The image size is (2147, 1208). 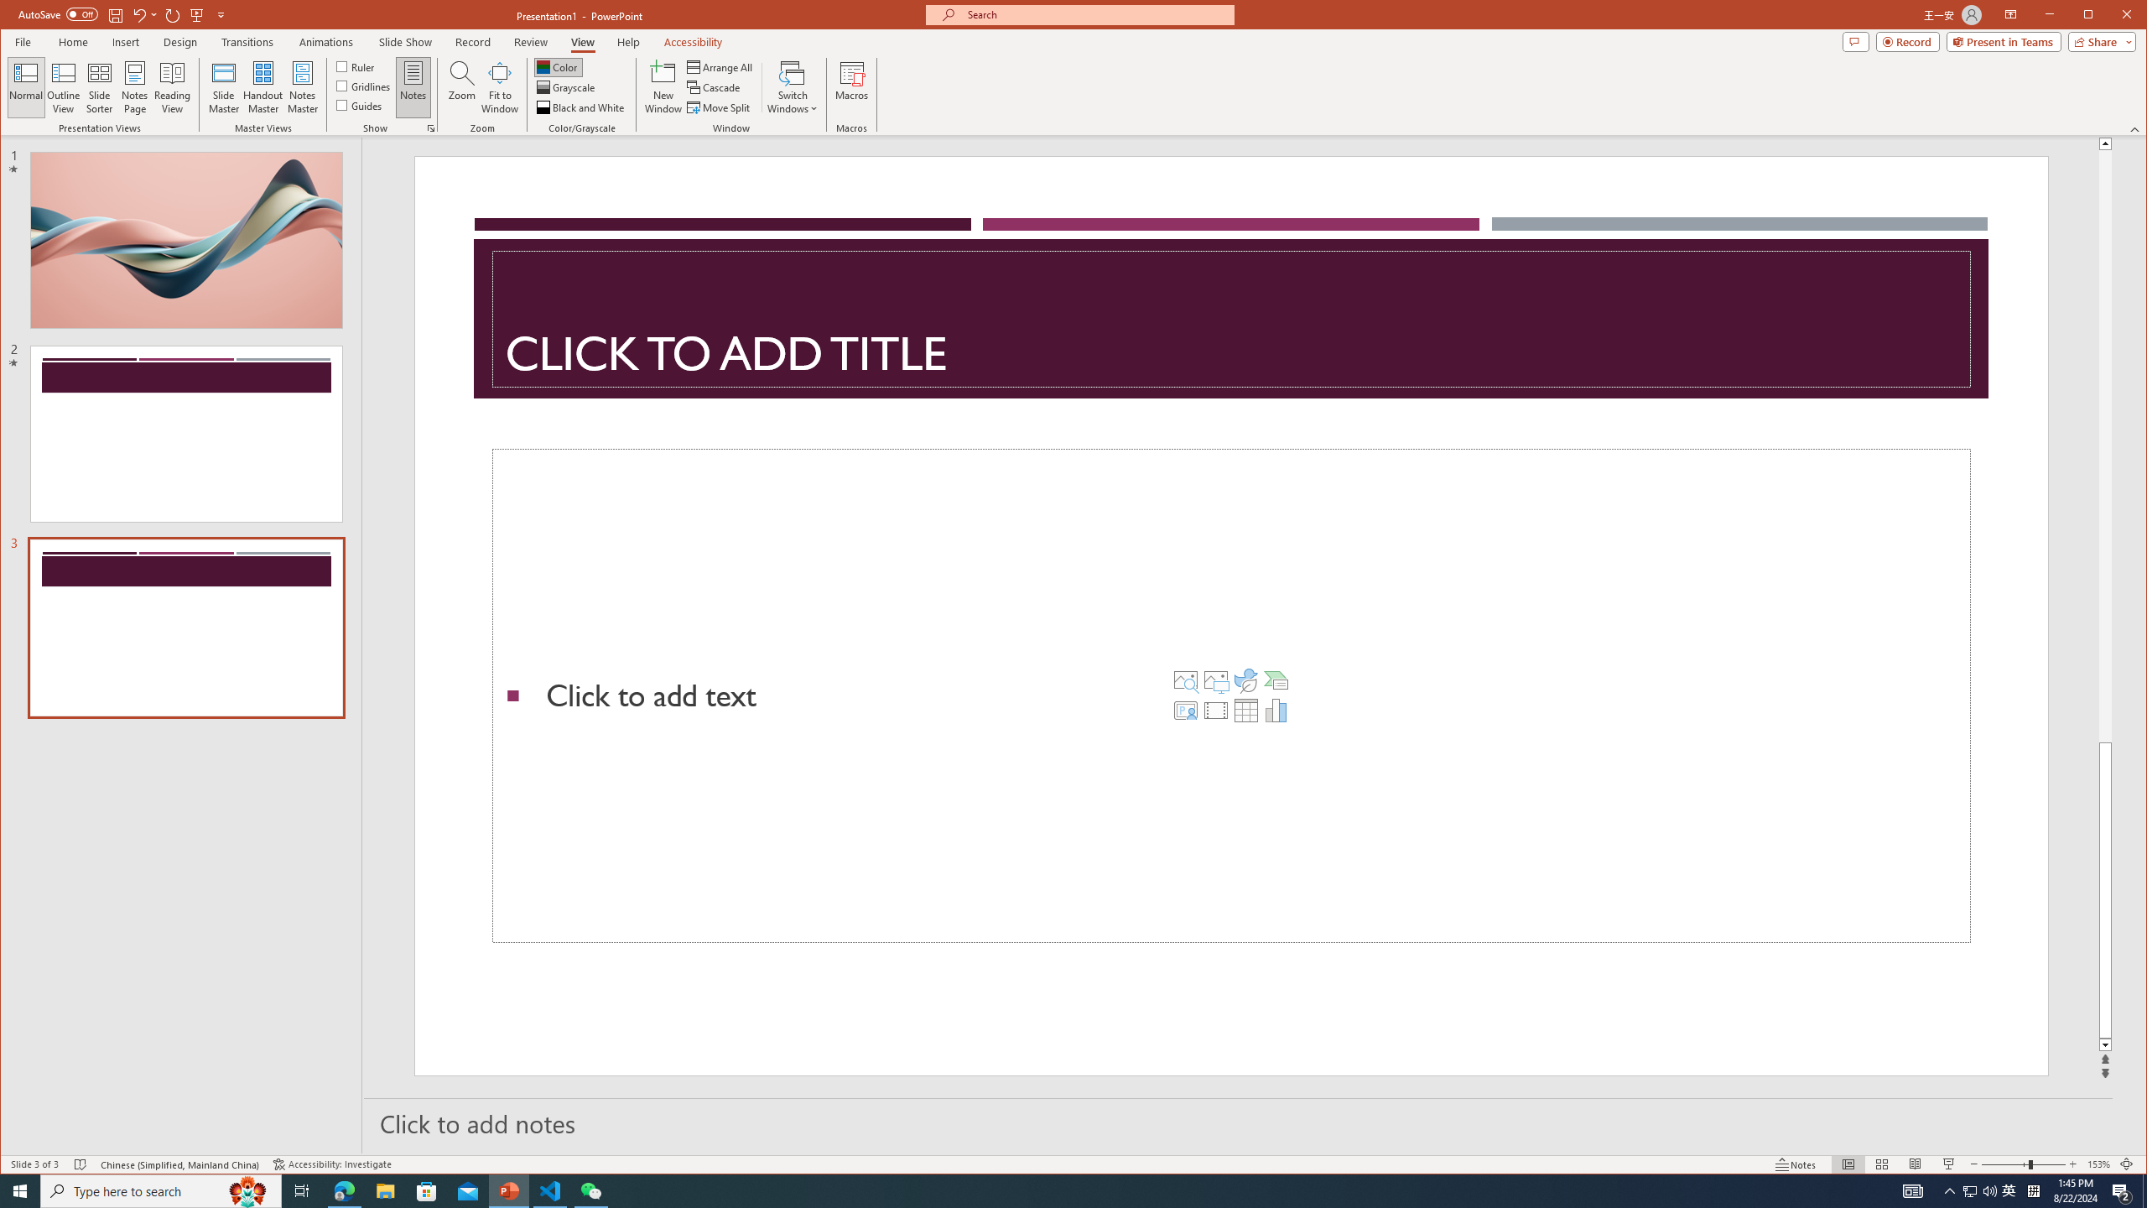 I want to click on 'Content Placeholder', so click(x=1230, y=696).